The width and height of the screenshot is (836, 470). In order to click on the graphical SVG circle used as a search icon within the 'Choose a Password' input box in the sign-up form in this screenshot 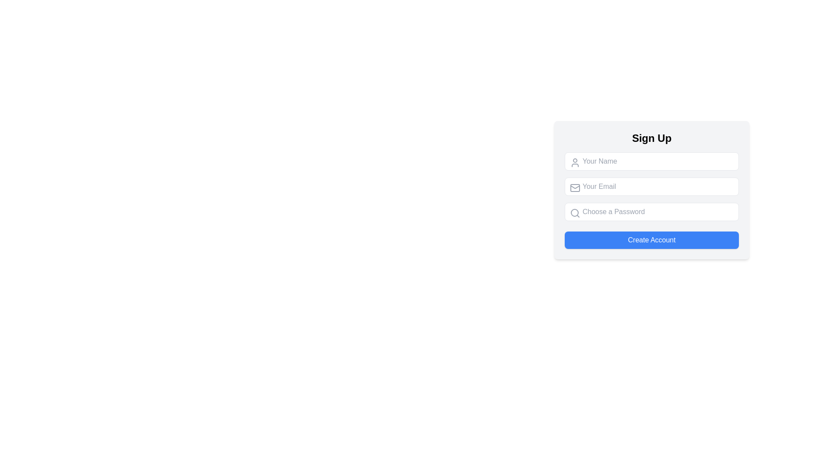, I will do `click(575, 213)`.